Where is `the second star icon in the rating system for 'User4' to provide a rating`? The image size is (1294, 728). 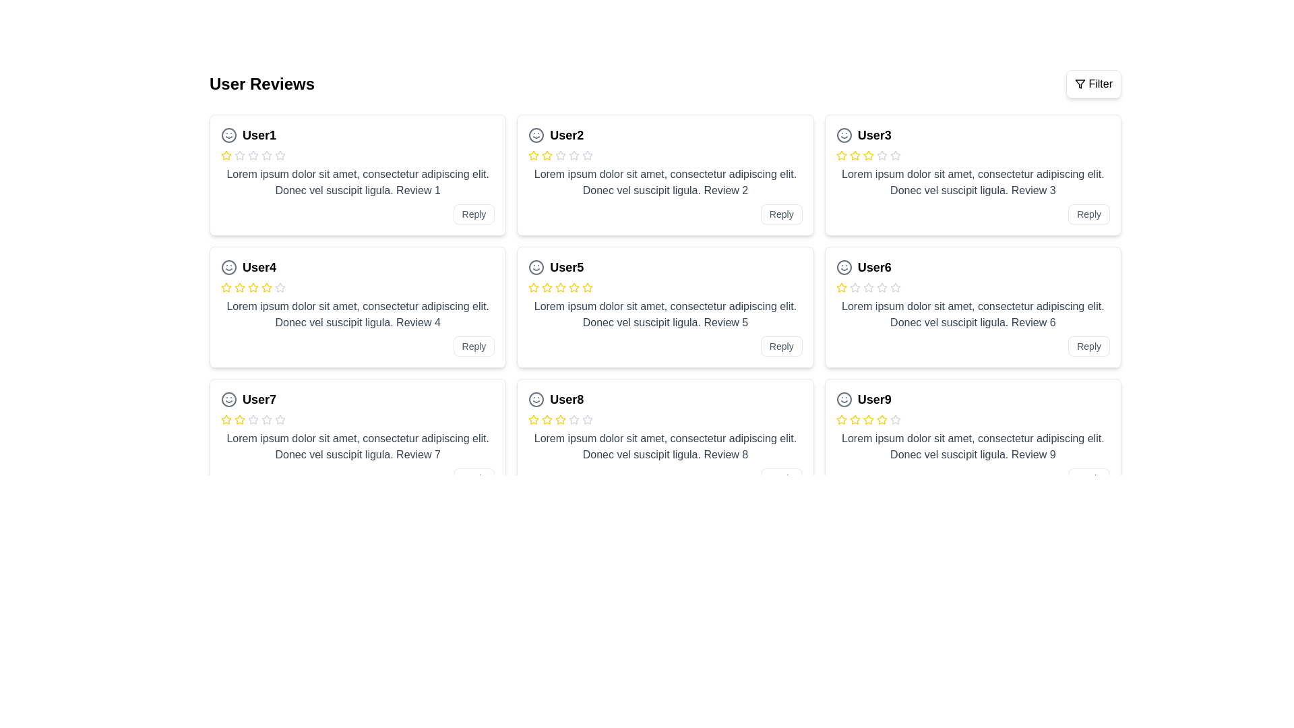
the second star icon in the rating system for 'User4' to provide a rating is located at coordinates (266, 286).